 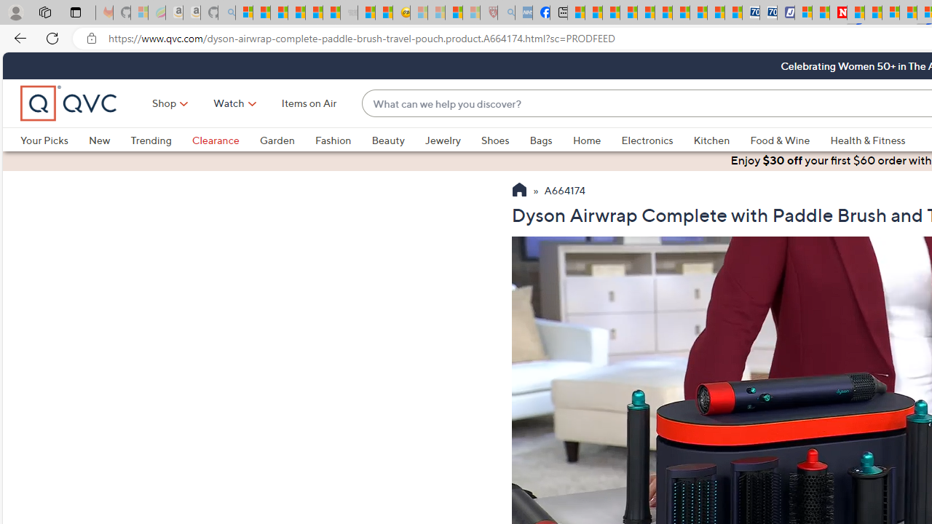 What do you see at coordinates (868, 140) in the screenshot?
I see `'Health & Fitness'` at bounding box center [868, 140].